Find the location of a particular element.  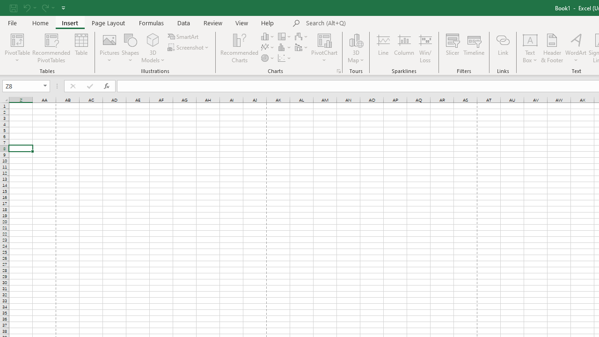

'3D Map' is located at coordinates (355, 48).